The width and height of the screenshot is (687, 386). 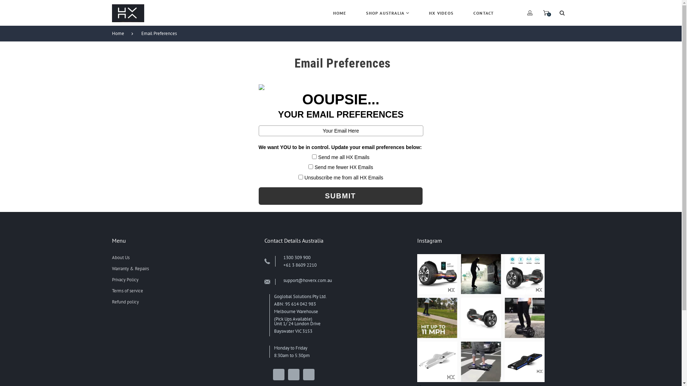 What do you see at coordinates (130, 268) in the screenshot?
I see `'Warranty & Repairs'` at bounding box center [130, 268].